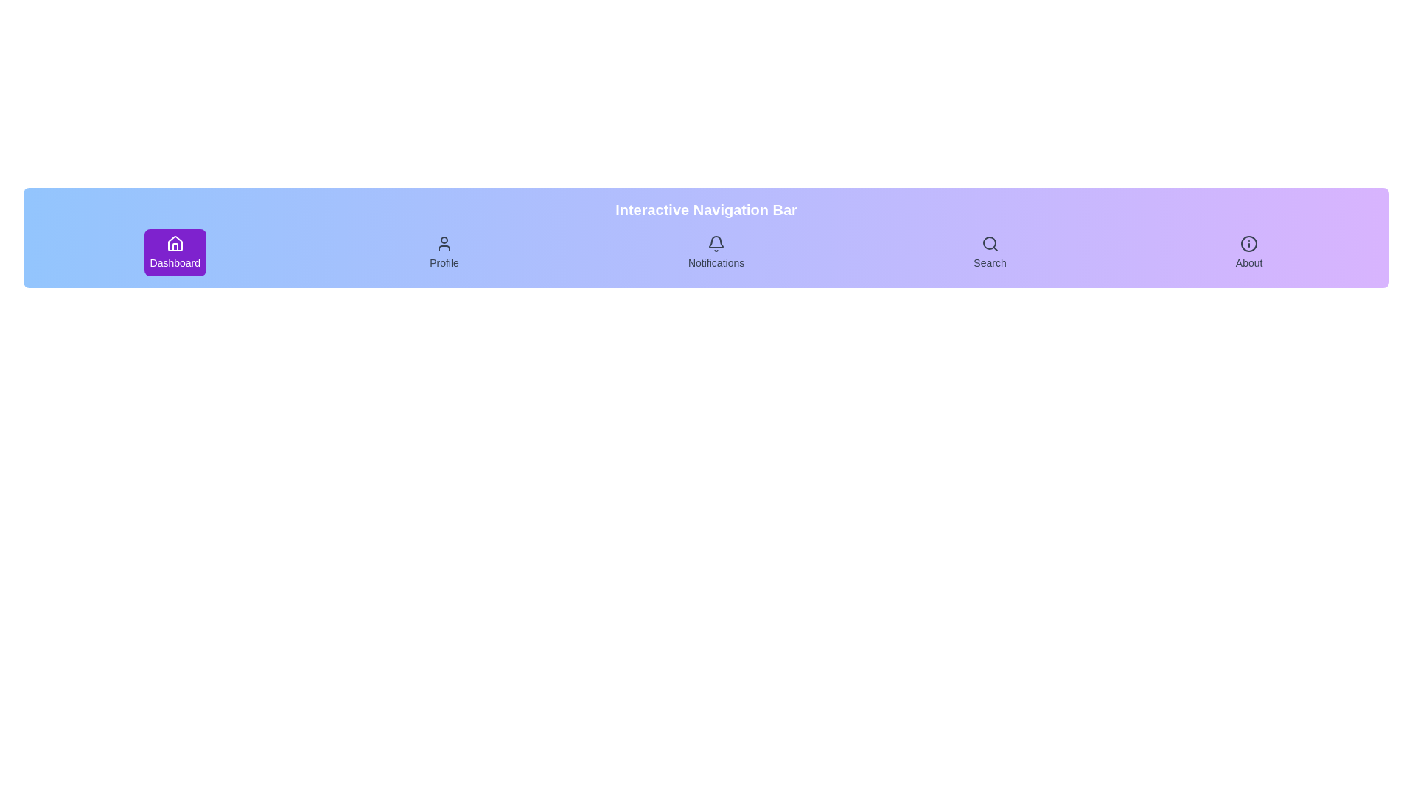 The width and height of the screenshot is (1415, 796). What do you see at coordinates (444, 243) in the screenshot?
I see `the icon of the navigation item Profile` at bounding box center [444, 243].